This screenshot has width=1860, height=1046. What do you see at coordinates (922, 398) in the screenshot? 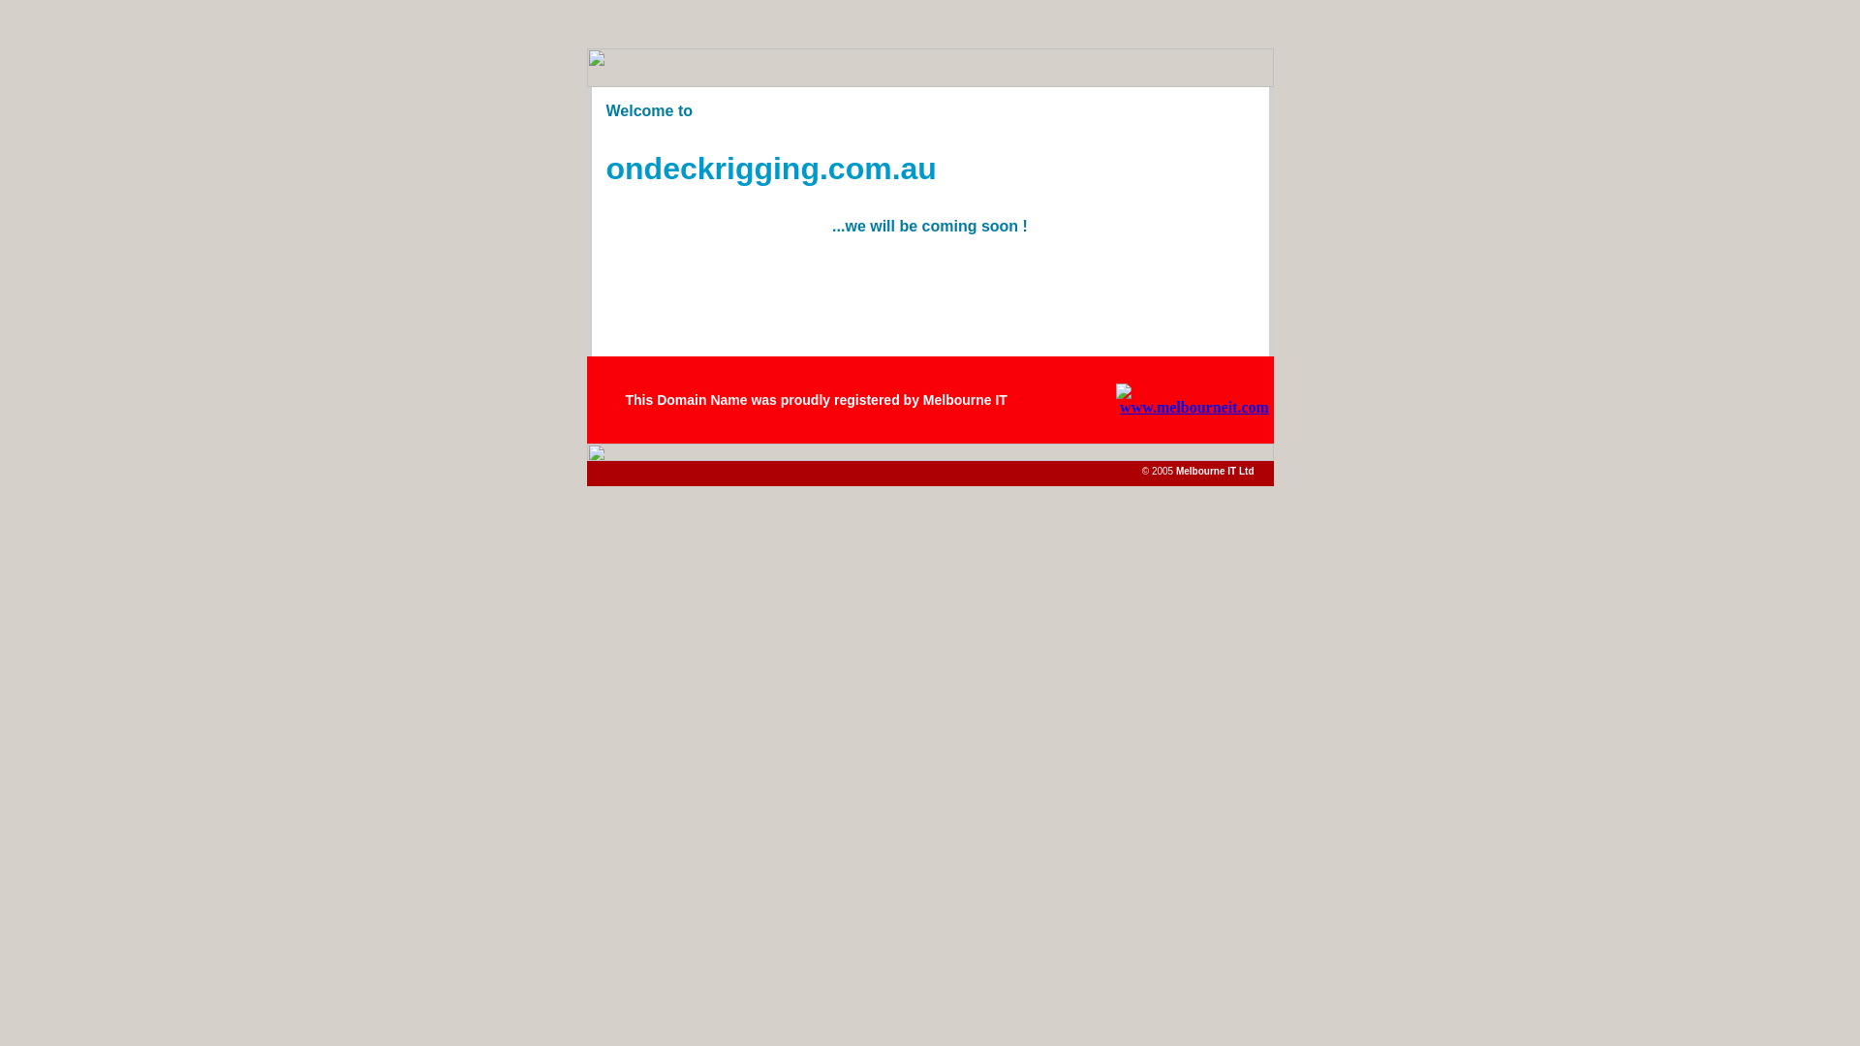
I see `'Melbourne IT'` at bounding box center [922, 398].